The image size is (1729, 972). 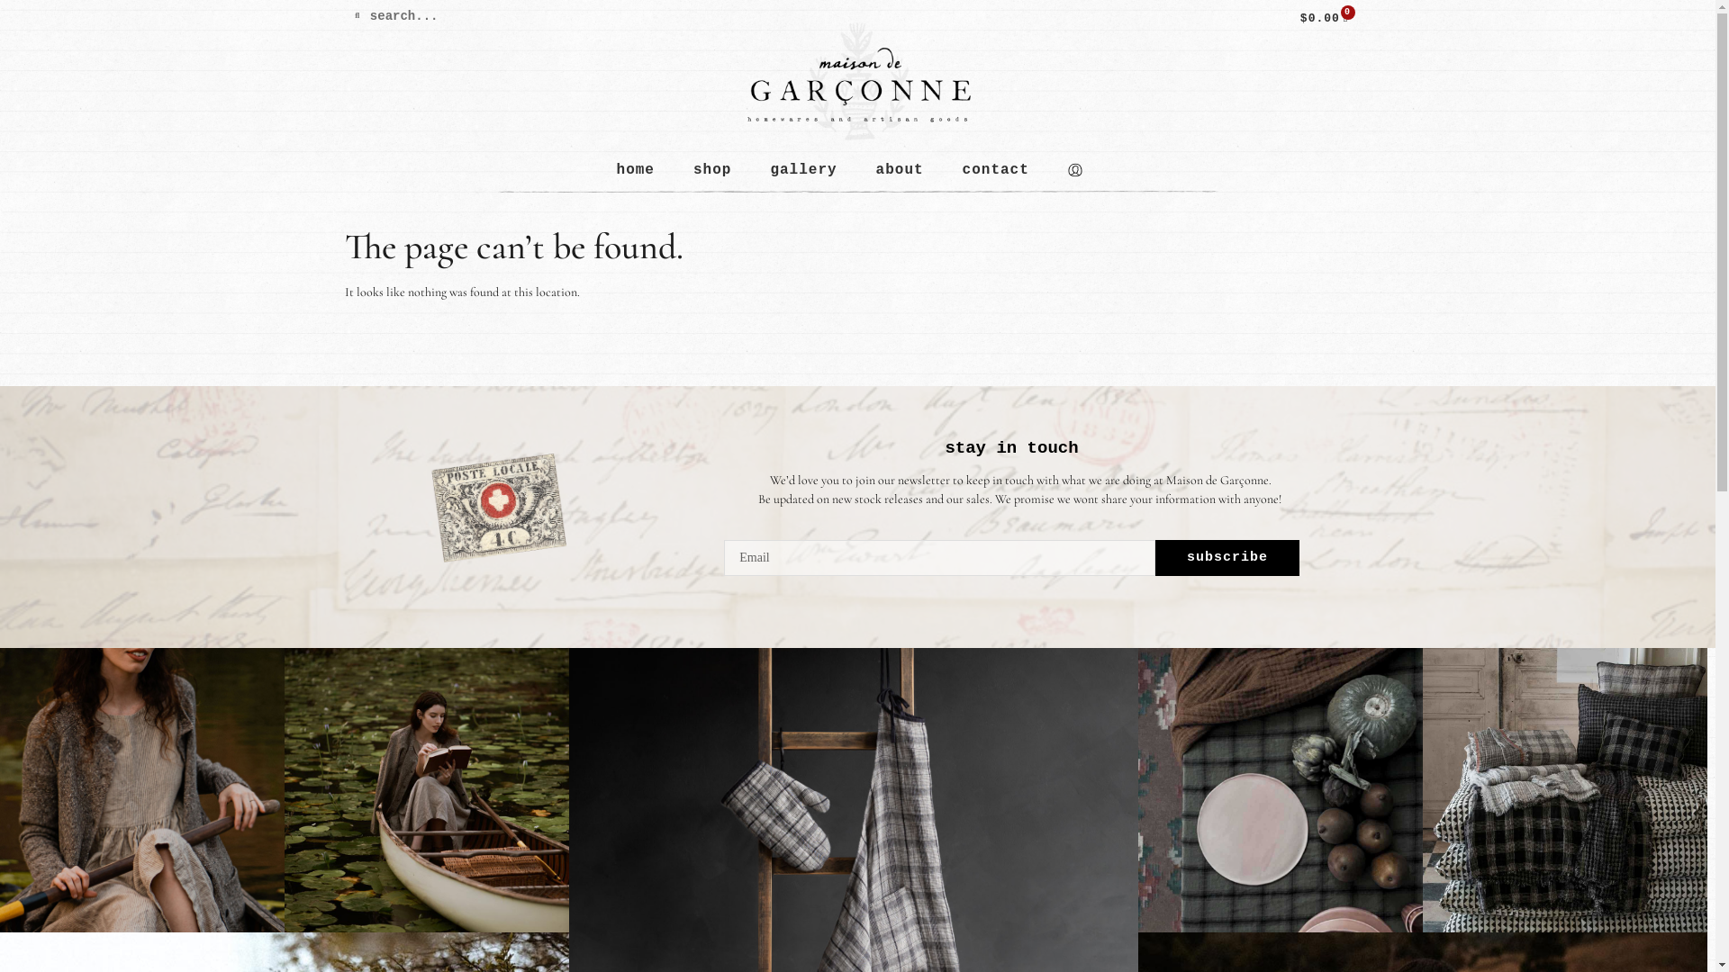 What do you see at coordinates (635, 170) in the screenshot?
I see `'home'` at bounding box center [635, 170].